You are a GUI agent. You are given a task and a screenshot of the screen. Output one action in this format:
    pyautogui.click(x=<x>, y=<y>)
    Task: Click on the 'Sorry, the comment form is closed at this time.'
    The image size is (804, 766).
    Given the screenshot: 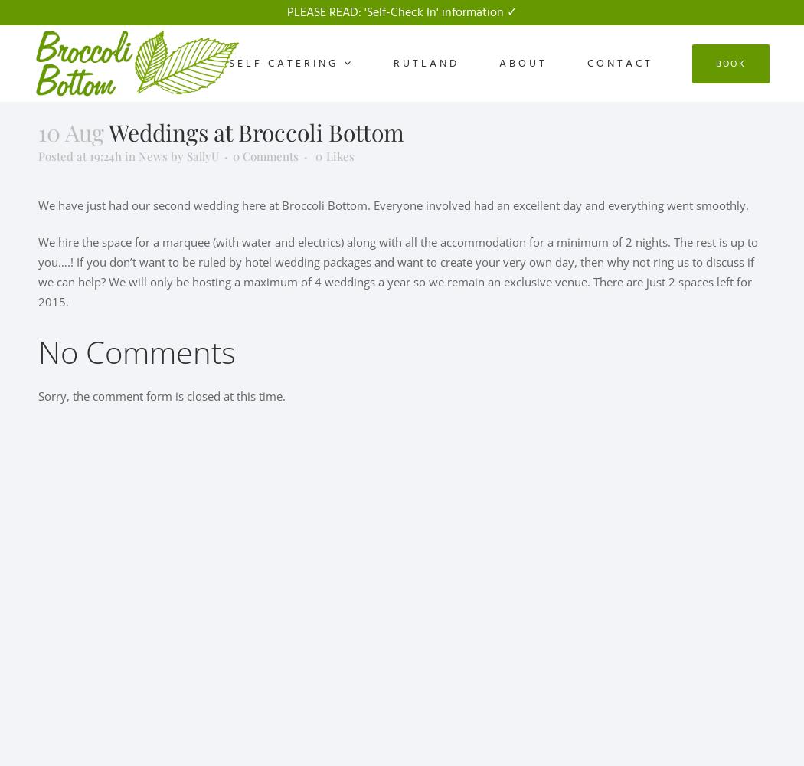 What is the action you would take?
    pyautogui.click(x=161, y=396)
    